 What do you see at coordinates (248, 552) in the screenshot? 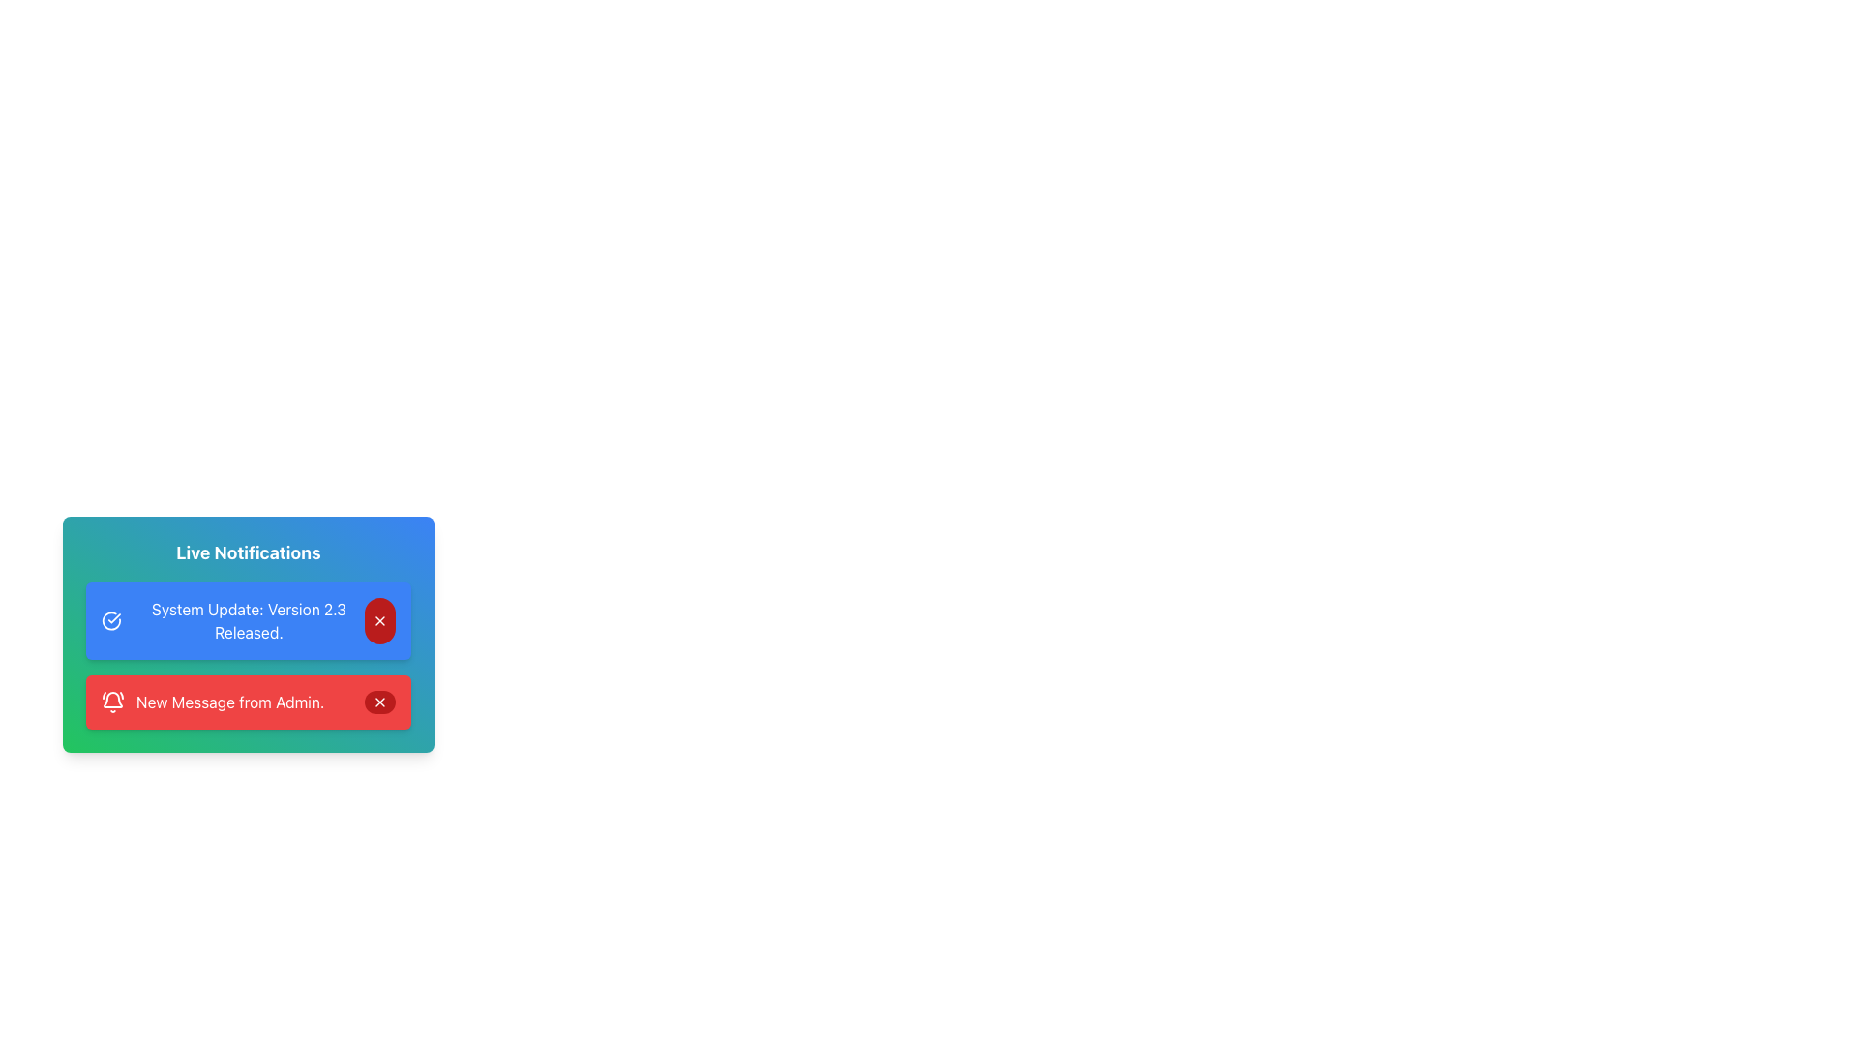
I see `text content of the bold label 'Live Notifications' located at the top of the notification card` at bounding box center [248, 552].